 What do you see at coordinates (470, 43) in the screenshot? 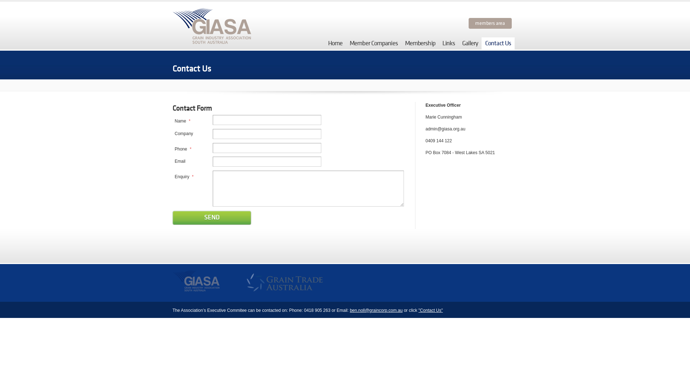
I see `'Gallery'` at bounding box center [470, 43].